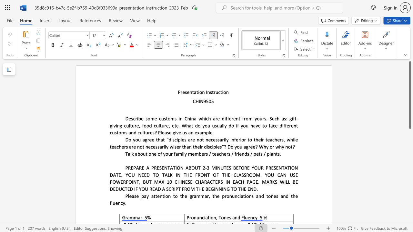 This screenshot has height=232, width=413. Describe the element at coordinates (120, 203) in the screenshot. I see `the subset text "cy." within the text "Please pay attention to the grammar, the pronunciations and tones and the fluency."` at that location.